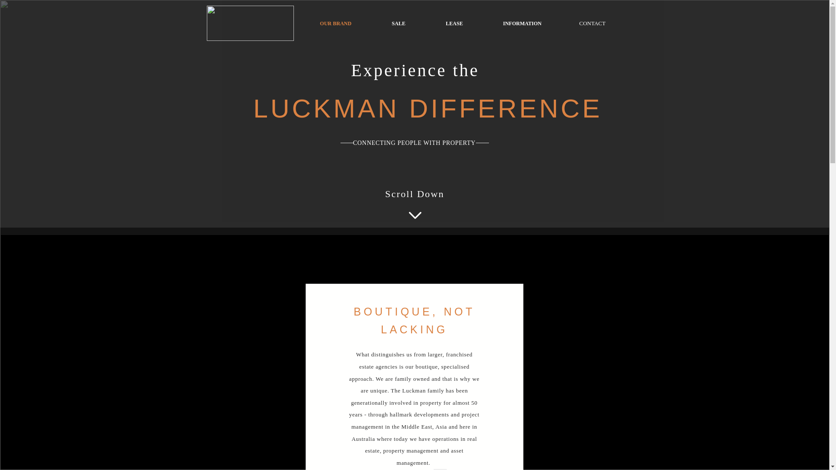  Describe the element at coordinates (522, 23) in the screenshot. I see `'INFORMATION'` at that location.